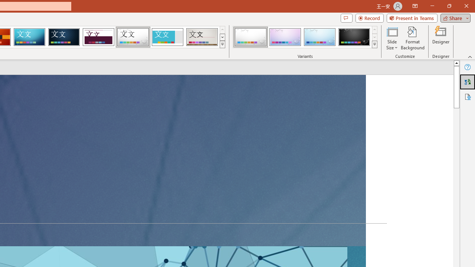  What do you see at coordinates (167, 37) in the screenshot?
I see `'Frame'` at bounding box center [167, 37].